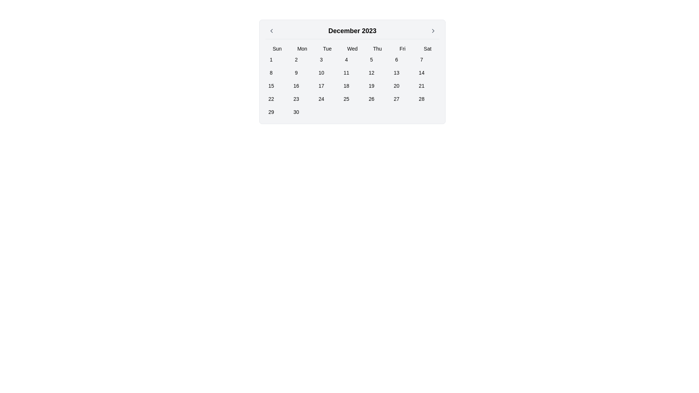 The width and height of the screenshot is (699, 393). Describe the element at coordinates (270, 85) in the screenshot. I see `the button representing the date '15' in the monthly calendar` at that location.